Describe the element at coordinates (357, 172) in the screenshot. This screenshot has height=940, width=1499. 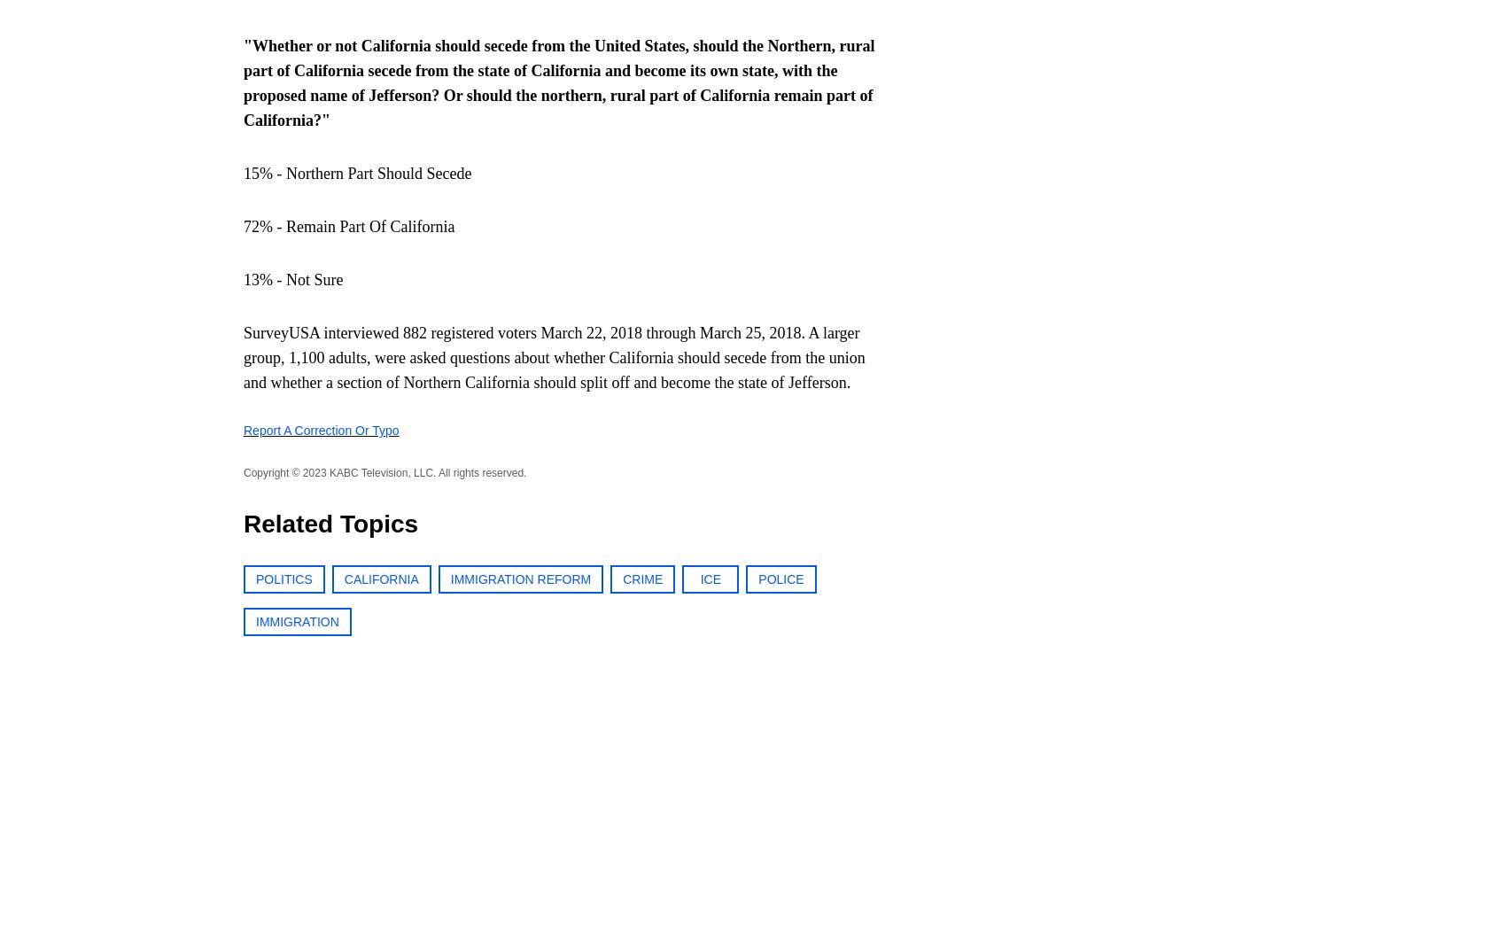
I see `'15%	- Northern Part Should Secede'` at that location.